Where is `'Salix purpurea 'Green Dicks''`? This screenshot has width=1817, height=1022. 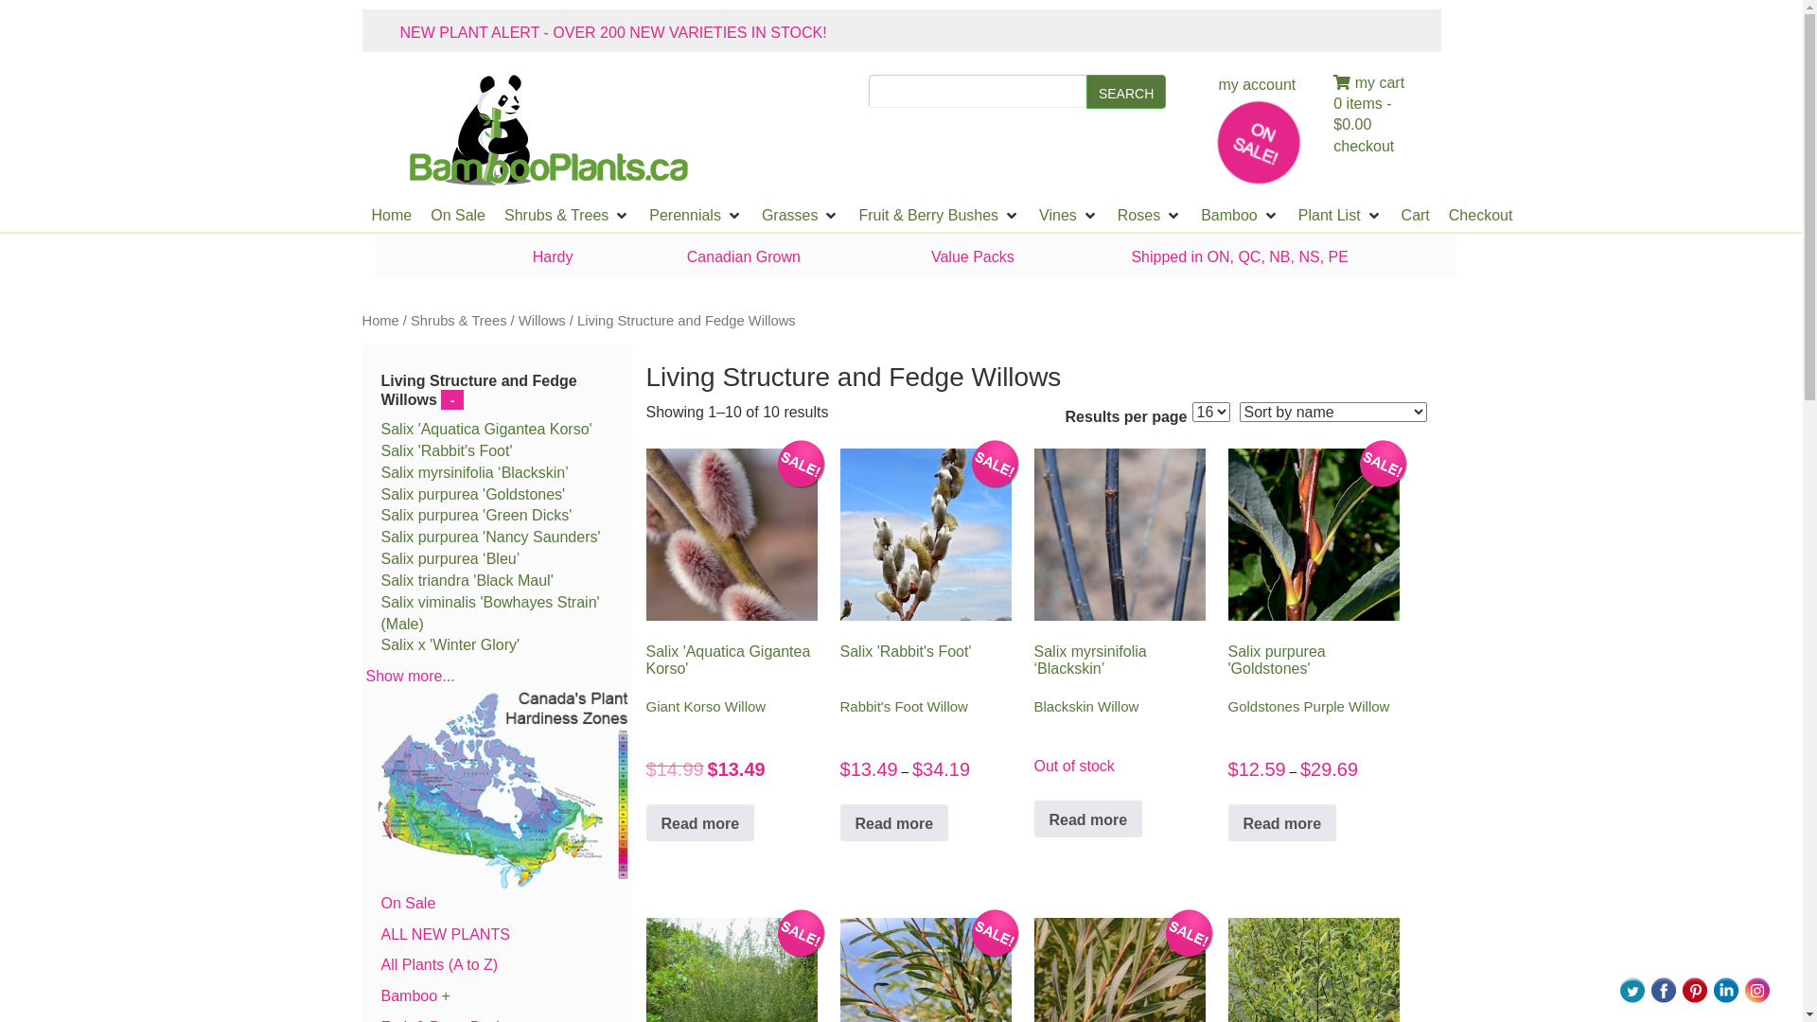 'Salix purpurea 'Green Dicks'' is located at coordinates (476, 515).